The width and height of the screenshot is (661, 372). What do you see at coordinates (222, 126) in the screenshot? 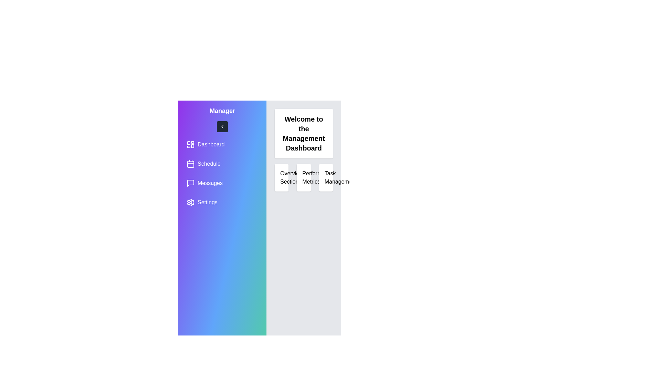
I see `the leftward-pointing chevron icon button, which is a white arrow outline on a dark gray circular background, located at the top of the sidebar below the 'Manager' title` at bounding box center [222, 126].